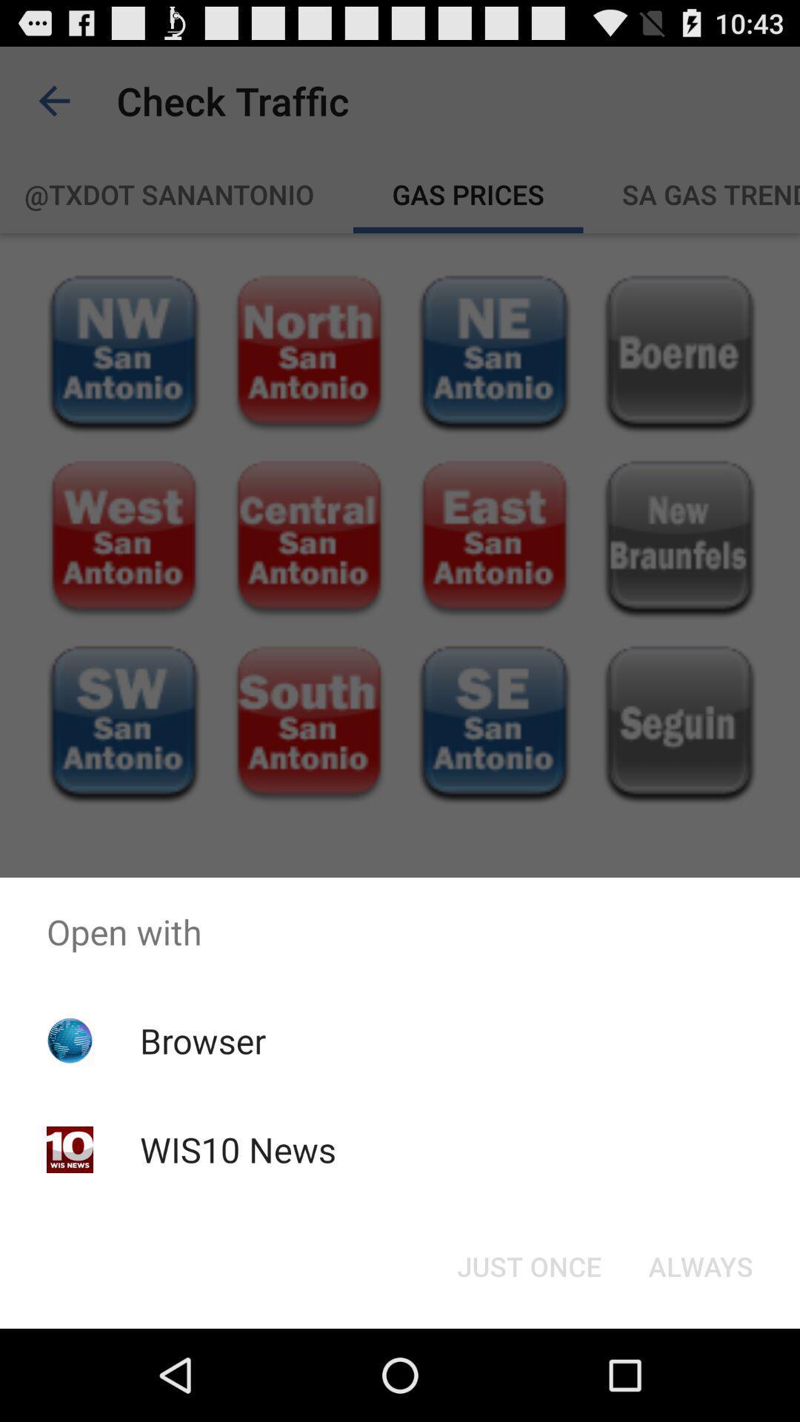 The width and height of the screenshot is (800, 1422). What do you see at coordinates (700, 1265) in the screenshot?
I see `the always` at bounding box center [700, 1265].